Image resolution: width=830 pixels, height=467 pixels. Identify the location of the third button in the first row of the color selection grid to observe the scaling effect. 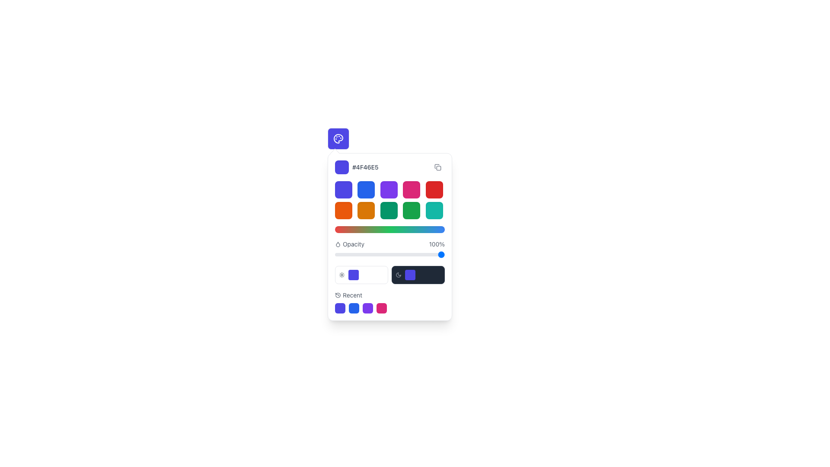
(388, 189).